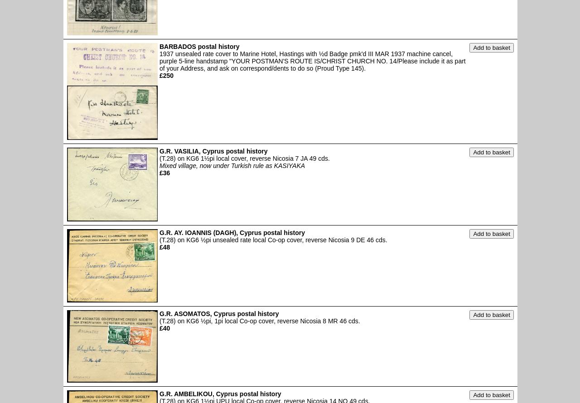 This screenshot has height=403, width=580. Describe the element at coordinates (213, 151) in the screenshot. I see `'G.R. VASILIA, Cyprus postal history'` at that location.